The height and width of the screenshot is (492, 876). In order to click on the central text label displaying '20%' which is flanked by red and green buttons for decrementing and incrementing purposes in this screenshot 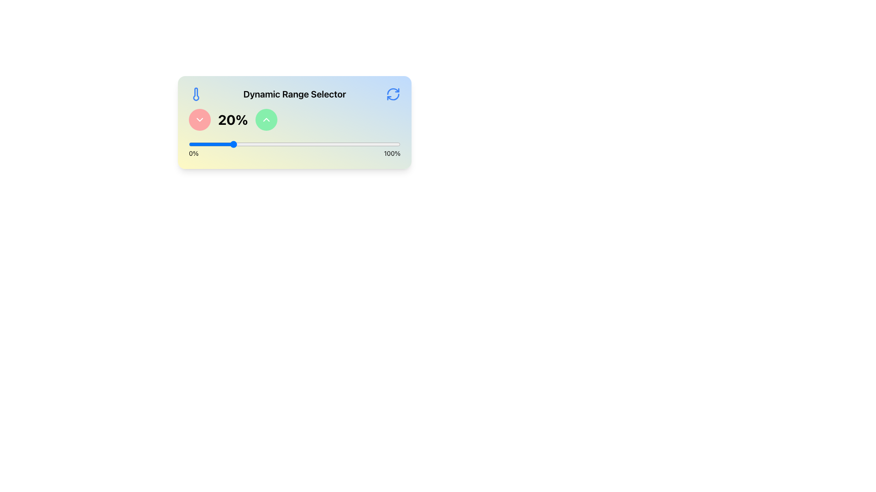, I will do `click(295, 119)`.